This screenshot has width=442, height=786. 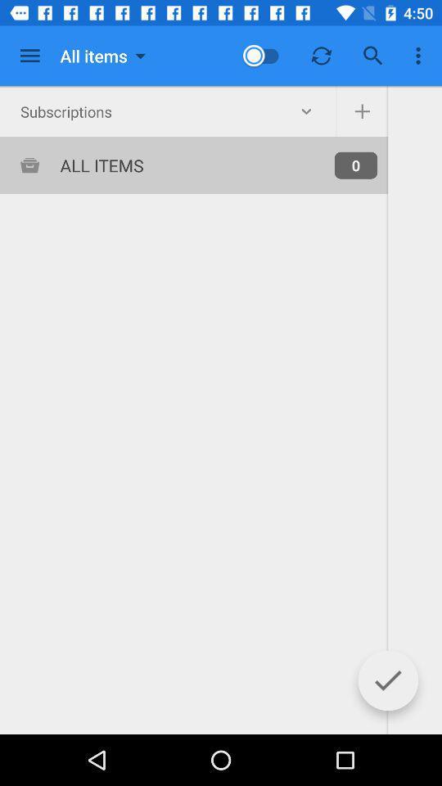 What do you see at coordinates (362, 111) in the screenshot?
I see `the add icon` at bounding box center [362, 111].